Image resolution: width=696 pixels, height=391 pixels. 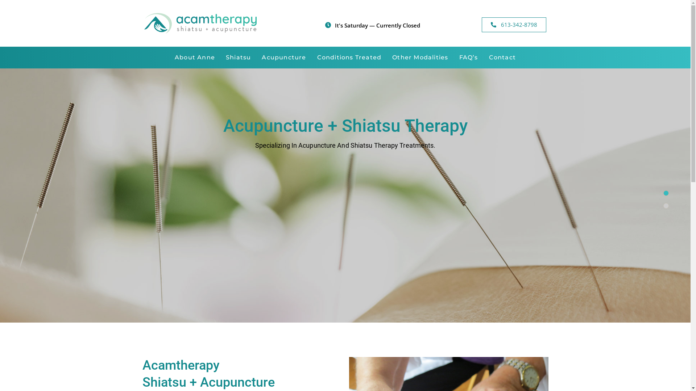 I want to click on 'Conditions Treated', so click(x=349, y=57).